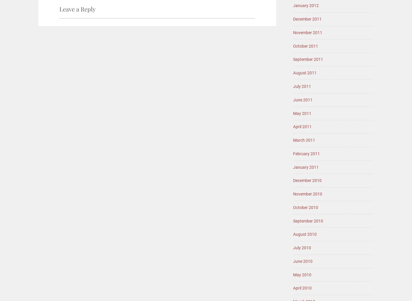 The height and width of the screenshot is (301, 412). Describe the element at coordinates (306, 153) in the screenshot. I see `'February 2011'` at that location.